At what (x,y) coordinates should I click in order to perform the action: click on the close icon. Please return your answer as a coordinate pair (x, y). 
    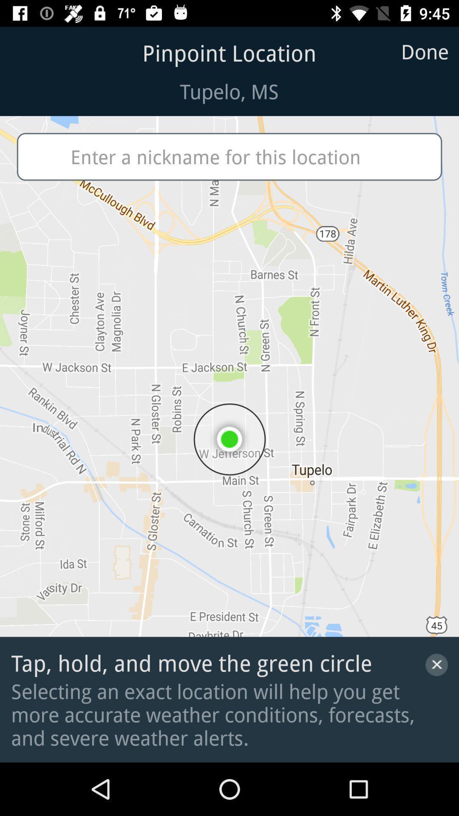
    Looking at the image, I should click on (436, 664).